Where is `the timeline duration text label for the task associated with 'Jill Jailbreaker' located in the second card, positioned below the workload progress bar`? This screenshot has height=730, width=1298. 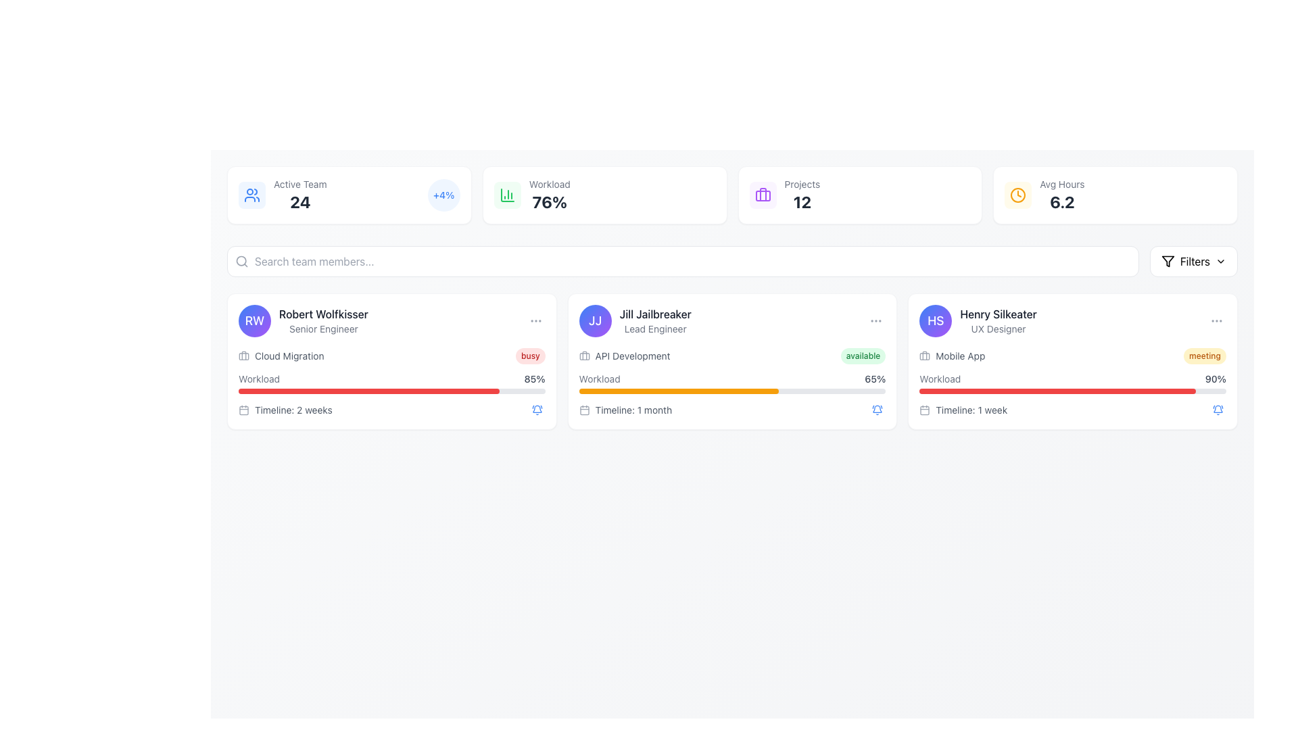 the timeline duration text label for the task associated with 'Jill Jailbreaker' located in the second card, positioned below the workload progress bar is located at coordinates (625, 409).